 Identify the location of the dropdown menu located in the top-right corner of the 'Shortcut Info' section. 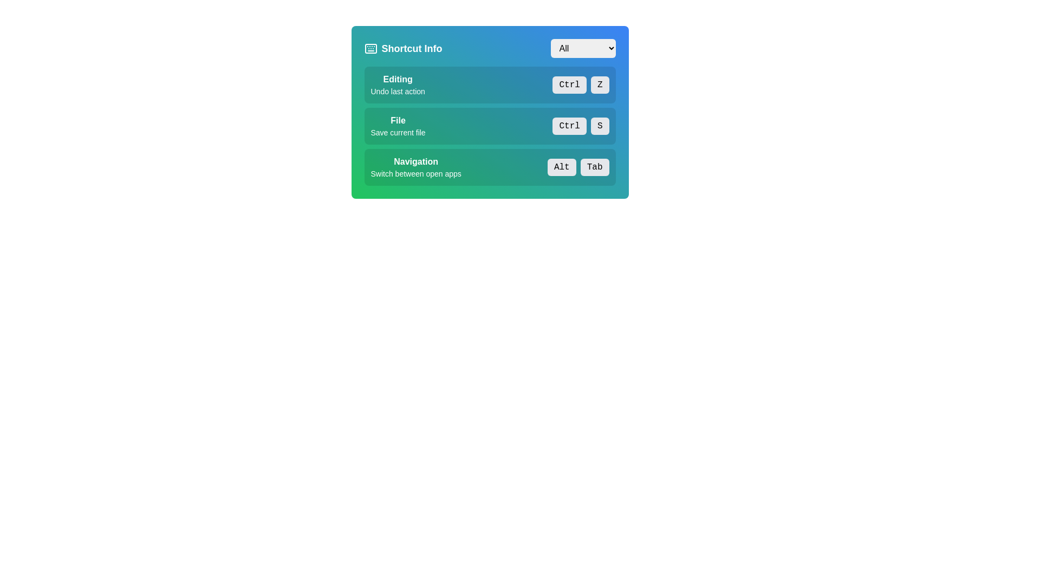
(582, 48).